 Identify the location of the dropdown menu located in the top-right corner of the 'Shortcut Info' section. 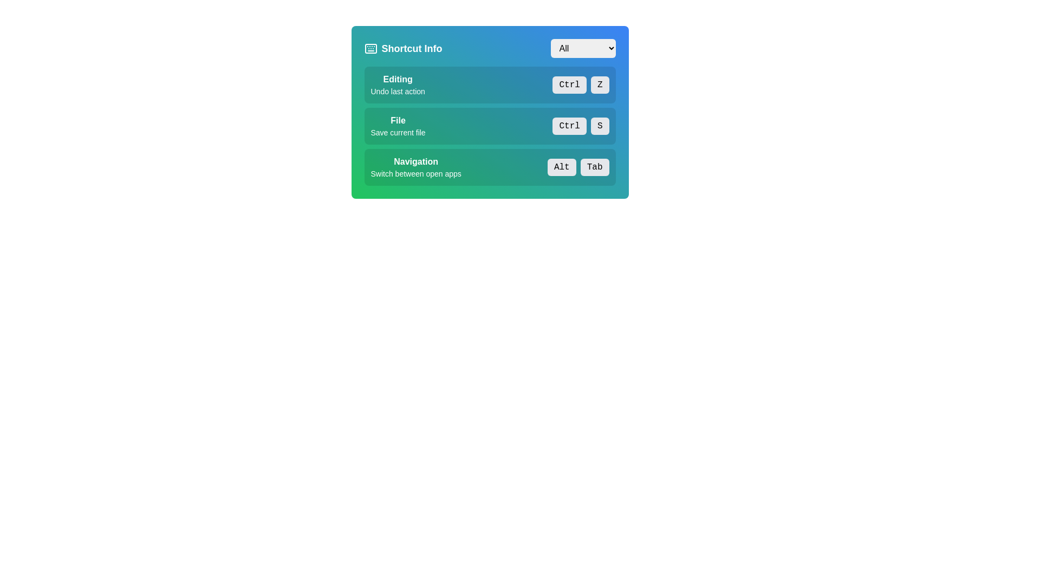
(582, 48).